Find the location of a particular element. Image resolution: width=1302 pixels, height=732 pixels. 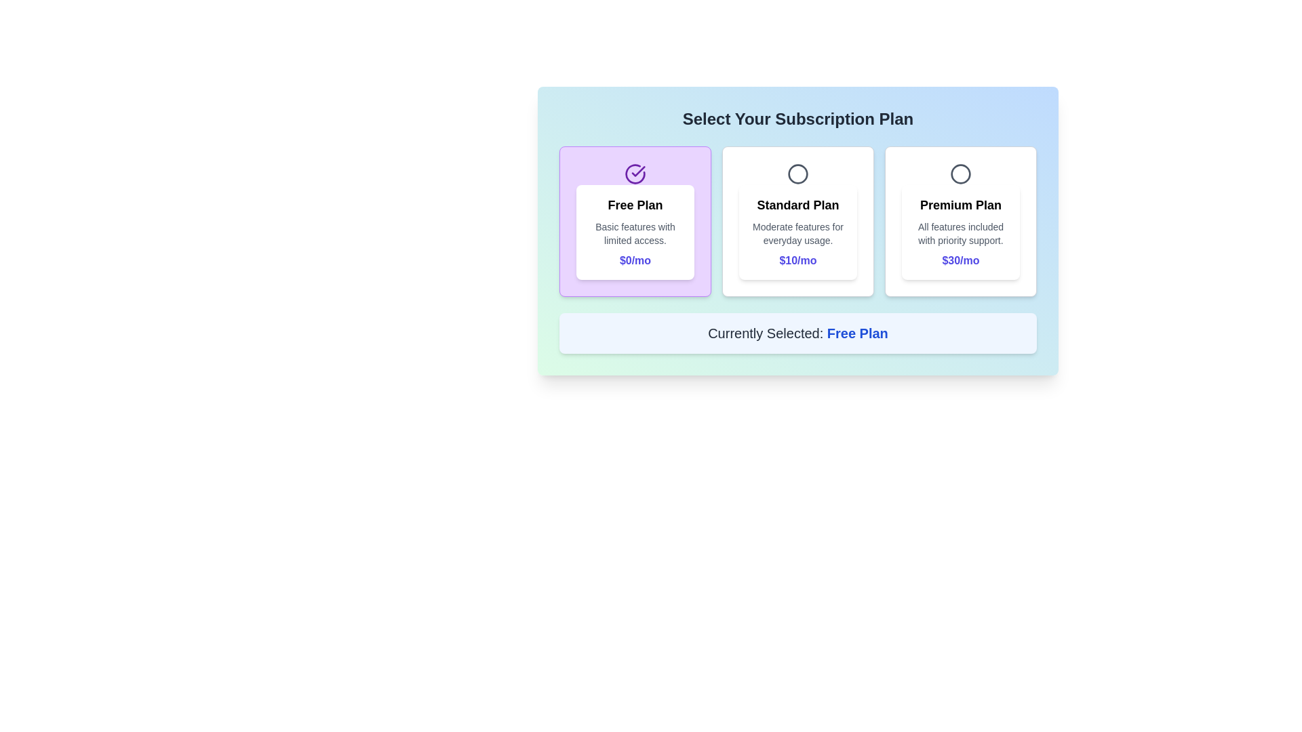

the text label displaying the current subscription plan, which reads 'Currently Selected: Free Plan', located in the lower part of the interface is located at coordinates (856, 333).